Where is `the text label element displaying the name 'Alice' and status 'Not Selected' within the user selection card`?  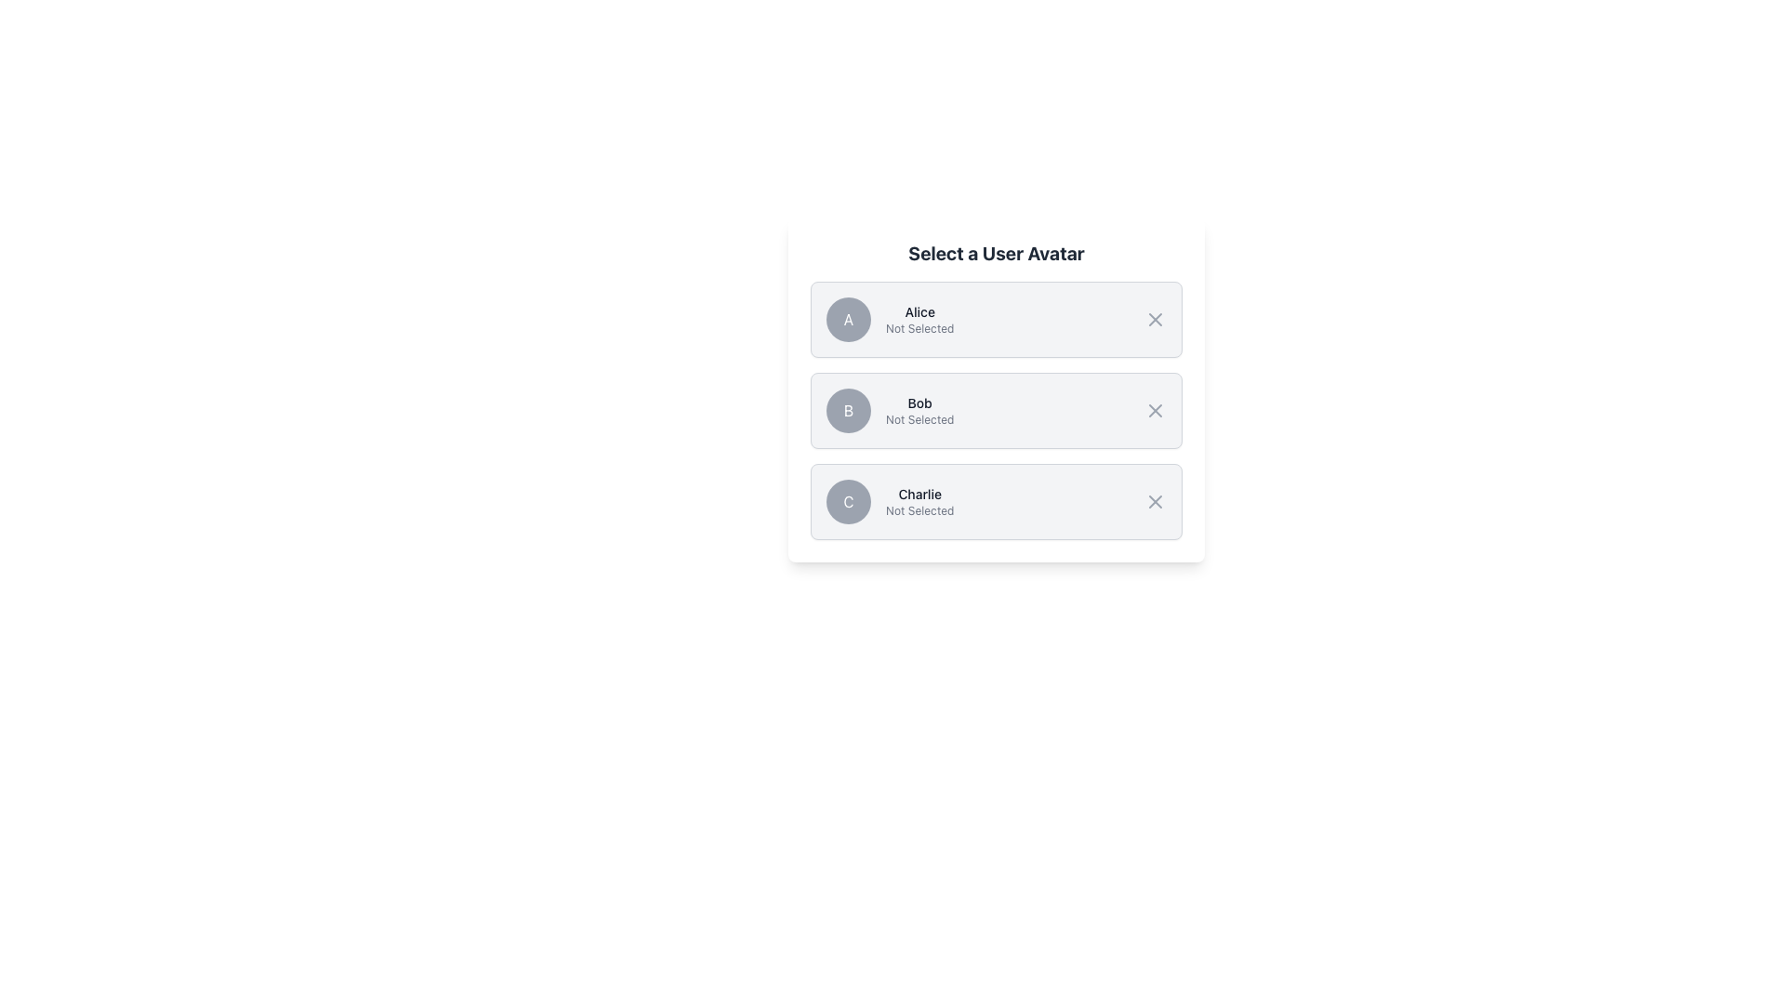
the text label element displaying the name 'Alice' and status 'Not Selected' within the user selection card is located at coordinates (919, 318).